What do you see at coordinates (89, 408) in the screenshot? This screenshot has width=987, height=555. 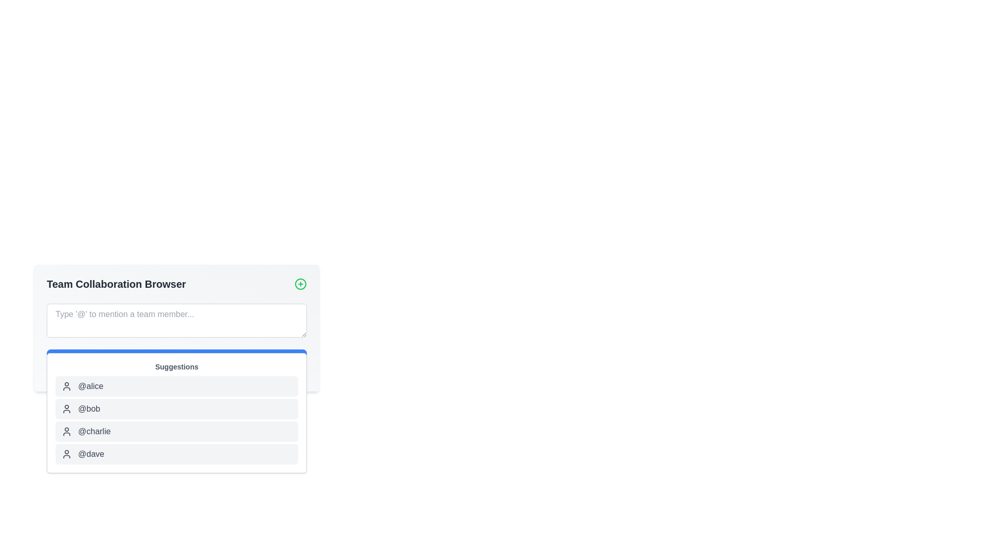 I see `the text element displaying '@bob' in gray color, which is the second option in the 'Suggestions' dropdown list` at bounding box center [89, 408].